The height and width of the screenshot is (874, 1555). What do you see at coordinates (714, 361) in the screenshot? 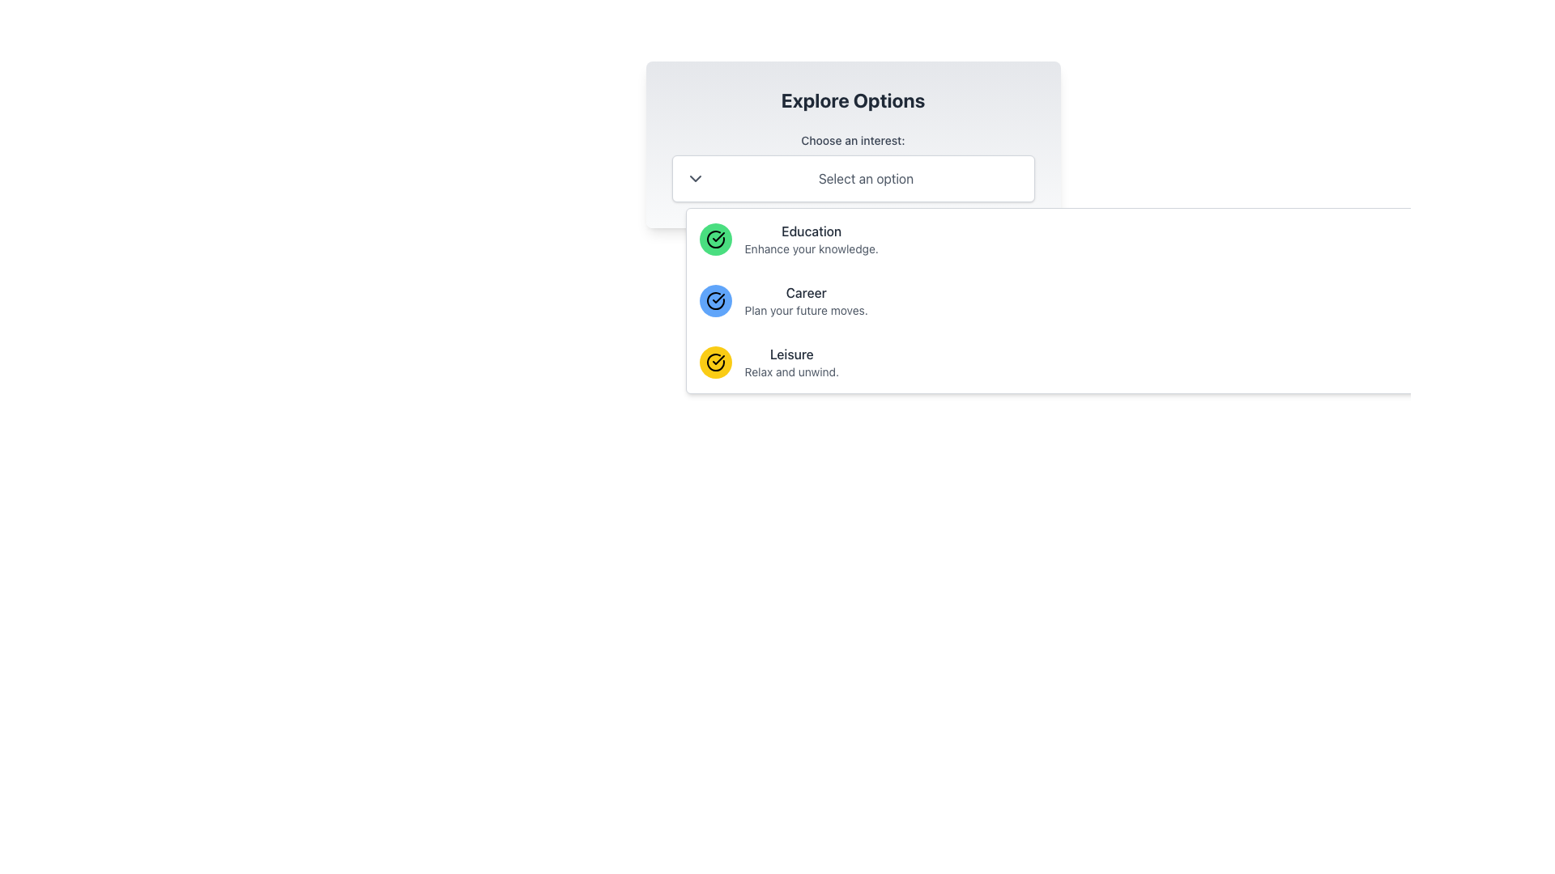
I see `the circular icon with a checkmark inside a yellow background, located at the bottom-right section of the dropdown area associated with the 'Leisure' option` at bounding box center [714, 361].